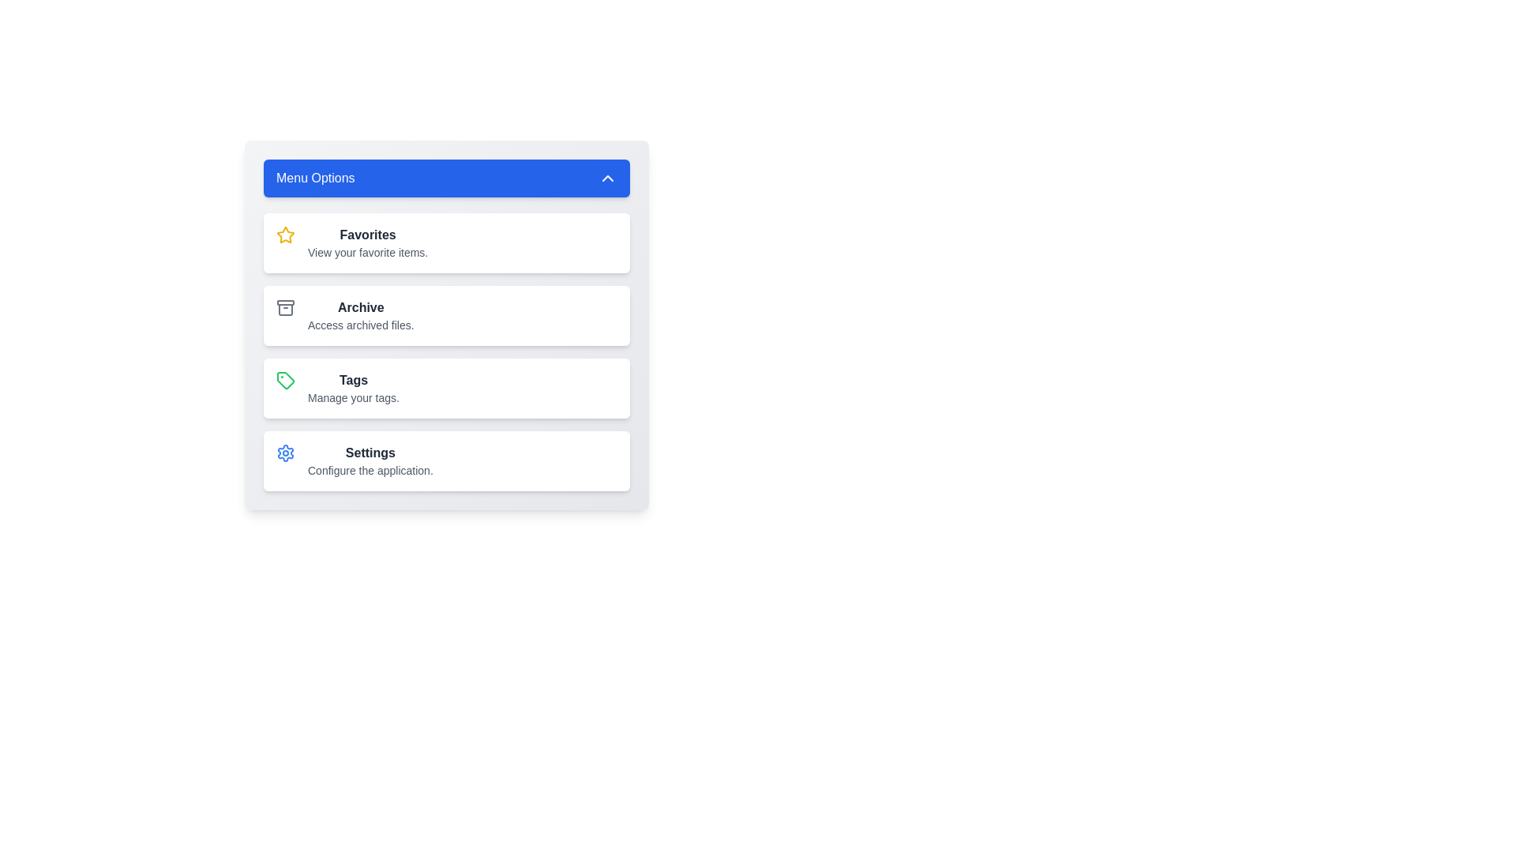 Image resolution: width=1516 pixels, height=853 pixels. What do you see at coordinates (285, 235) in the screenshot?
I see `the decorative icon representing the 'Favorites' section, located at the top-left corner of the 'Favorites' card, adjacent to its descriptive text` at bounding box center [285, 235].